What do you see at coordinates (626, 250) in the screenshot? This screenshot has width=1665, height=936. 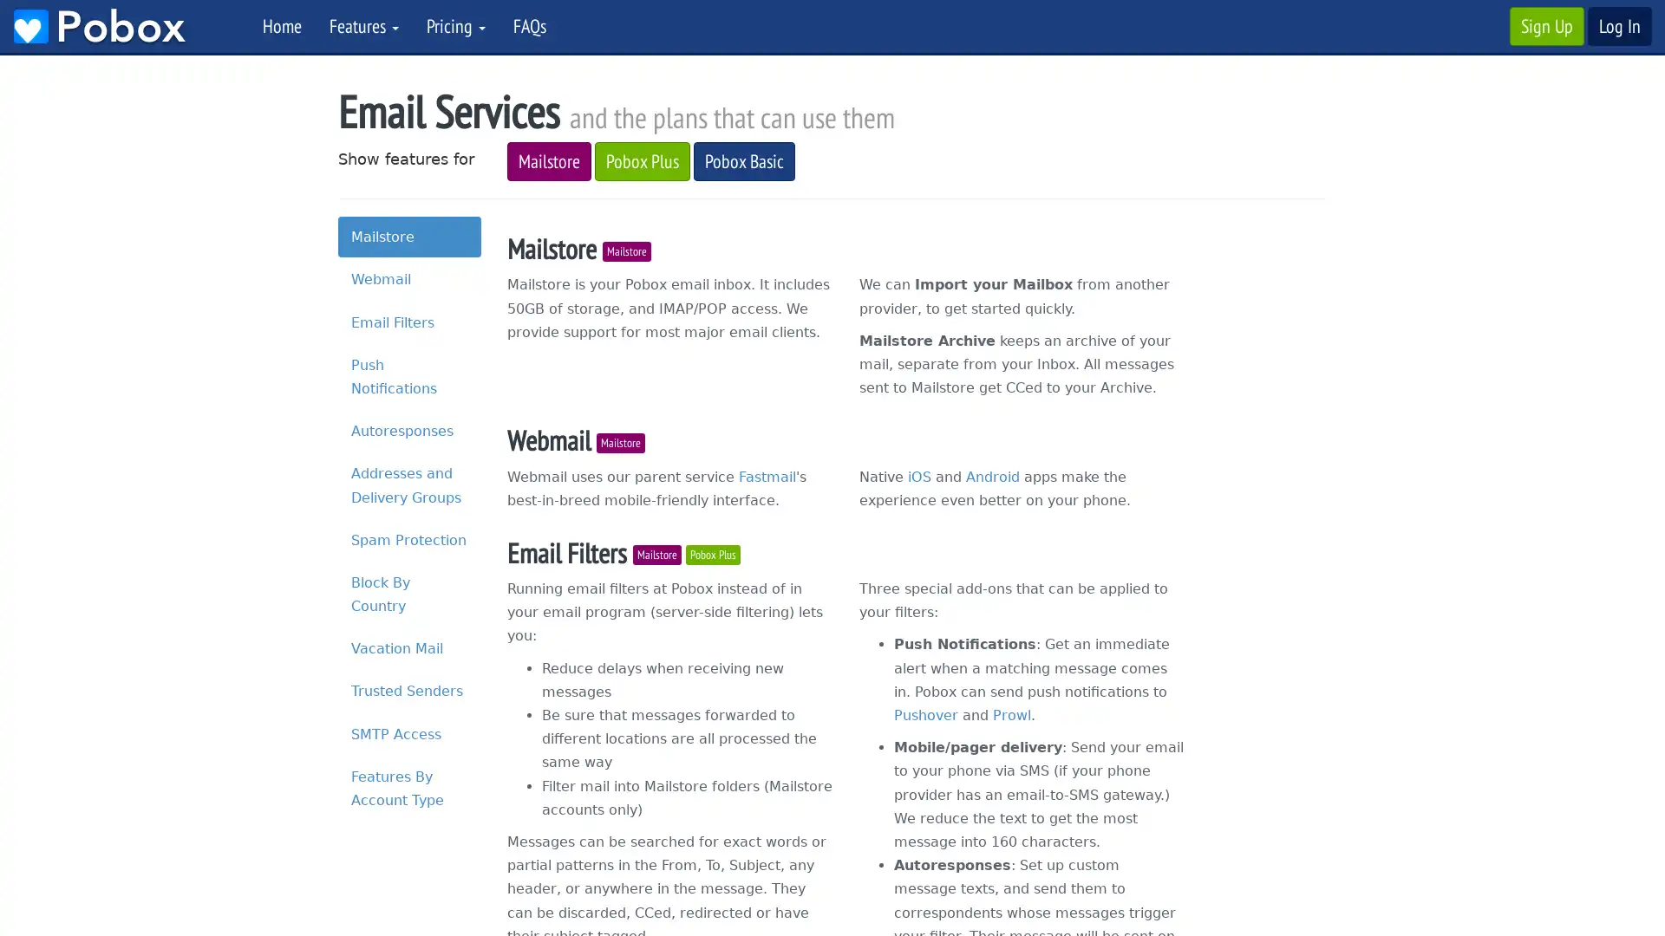 I see `Mailstore` at bounding box center [626, 250].